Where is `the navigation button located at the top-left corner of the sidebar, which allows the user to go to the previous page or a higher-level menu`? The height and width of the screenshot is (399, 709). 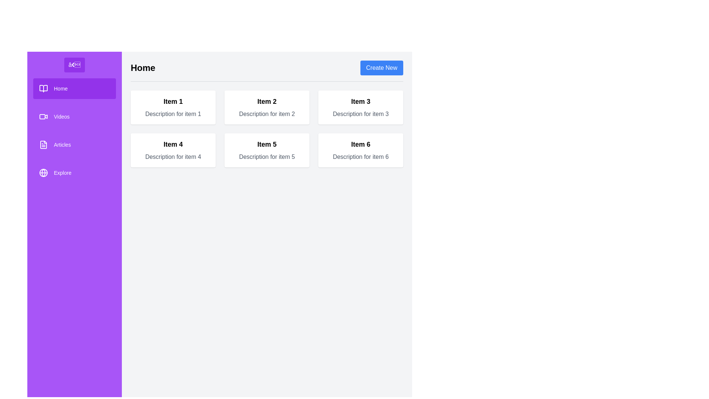 the navigation button located at the top-left corner of the sidebar, which allows the user to go to the previous page or a higher-level menu is located at coordinates (74, 65).